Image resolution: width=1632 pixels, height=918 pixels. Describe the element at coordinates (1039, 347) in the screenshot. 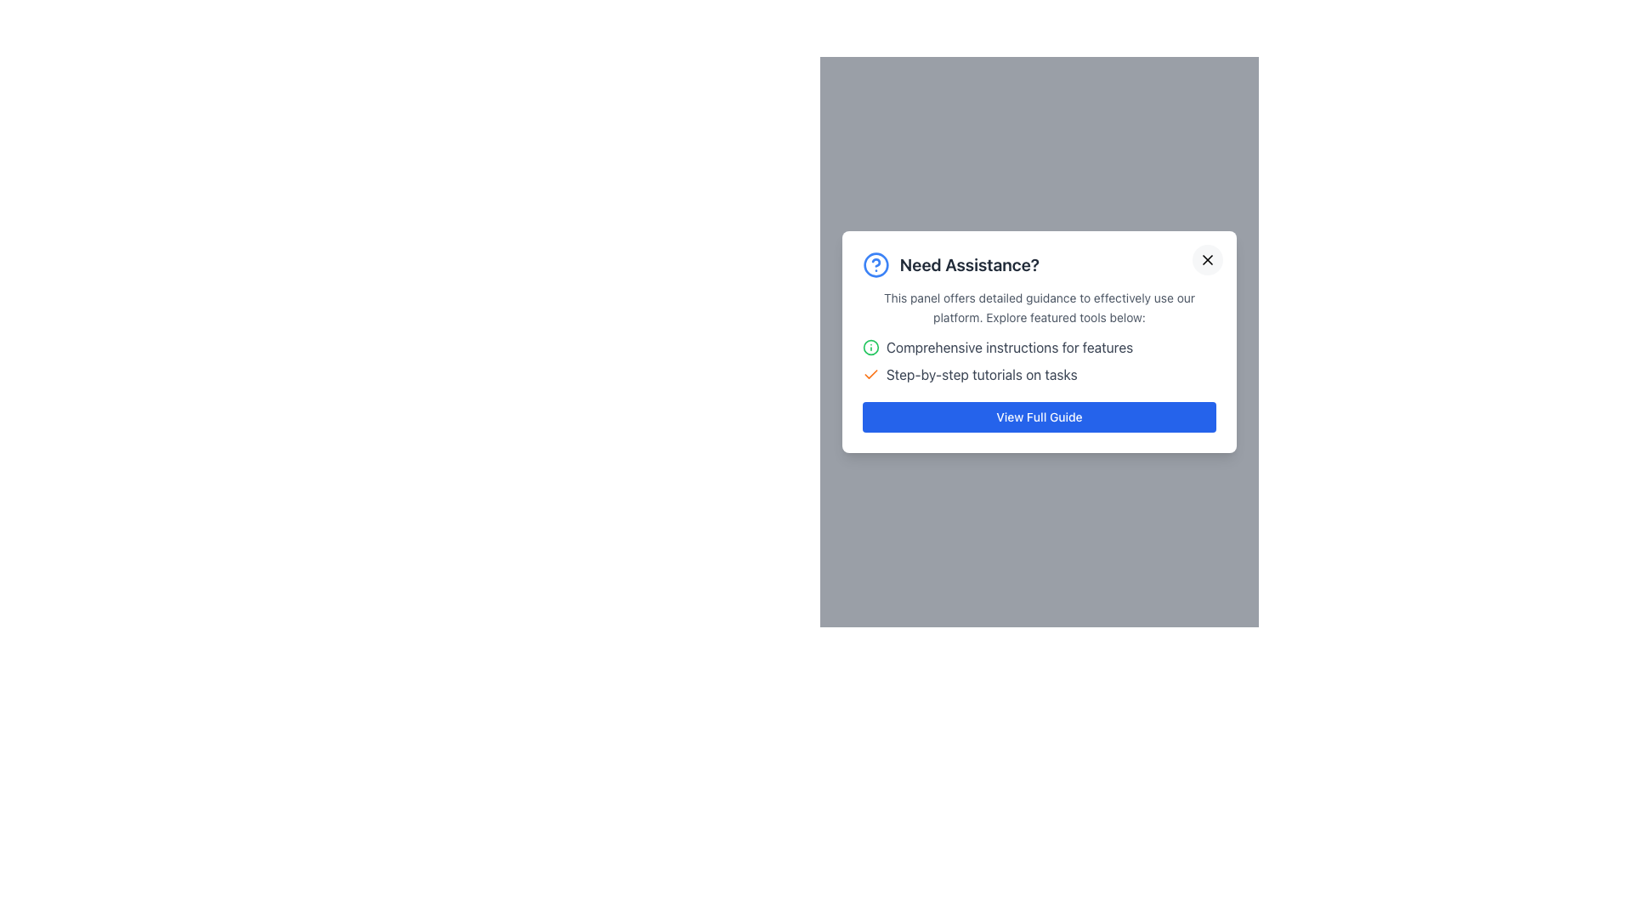

I see `the horizontally aligned text component reading 'Comprehensive instructions for features', which is styled in gray color and located next to a green circular icon with an 'i' symbol inside, as it is the first item in the assistance panel's vertical list` at that location.